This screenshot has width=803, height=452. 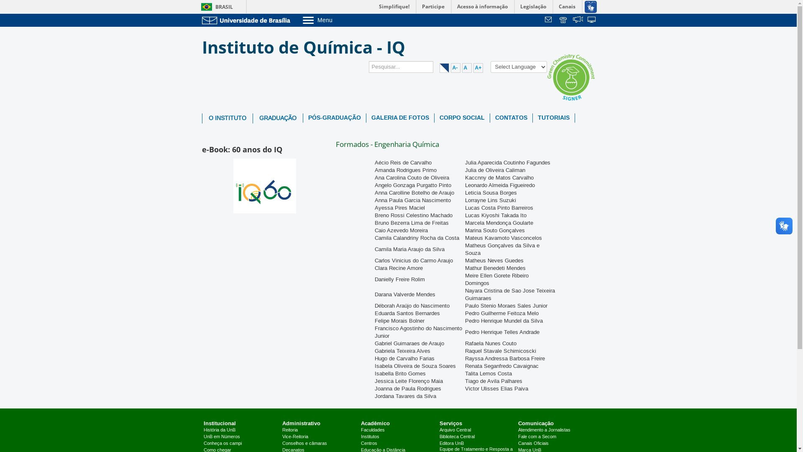 I want to click on 'Sistemas', so click(x=592, y=20).